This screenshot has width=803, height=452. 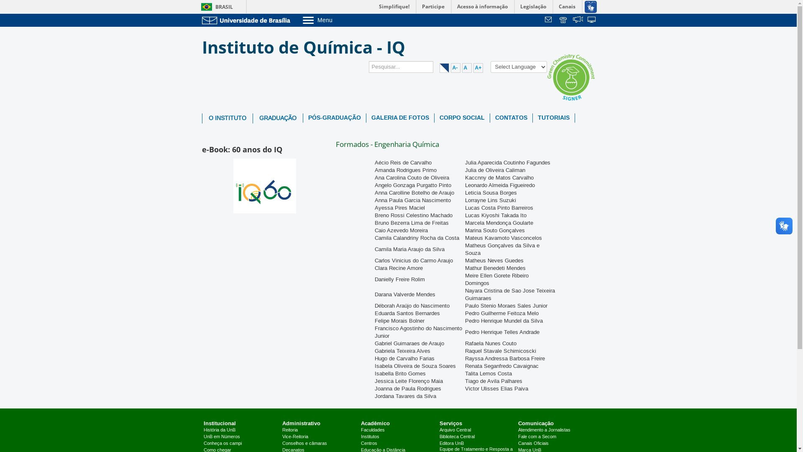 I want to click on 'Sistemas', so click(x=592, y=20).